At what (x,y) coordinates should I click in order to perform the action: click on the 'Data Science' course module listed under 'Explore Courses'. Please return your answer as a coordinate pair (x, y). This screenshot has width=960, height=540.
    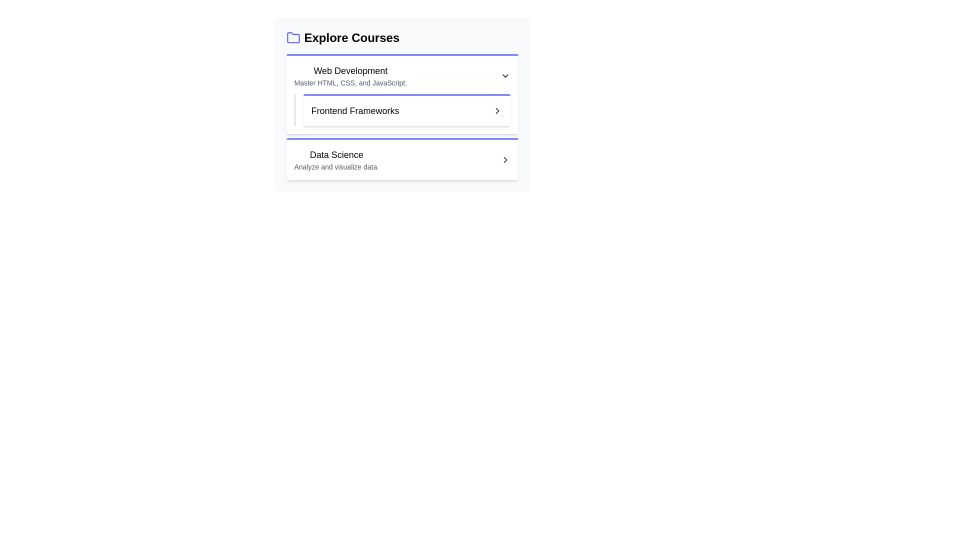
    Looking at the image, I should click on (336, 159).